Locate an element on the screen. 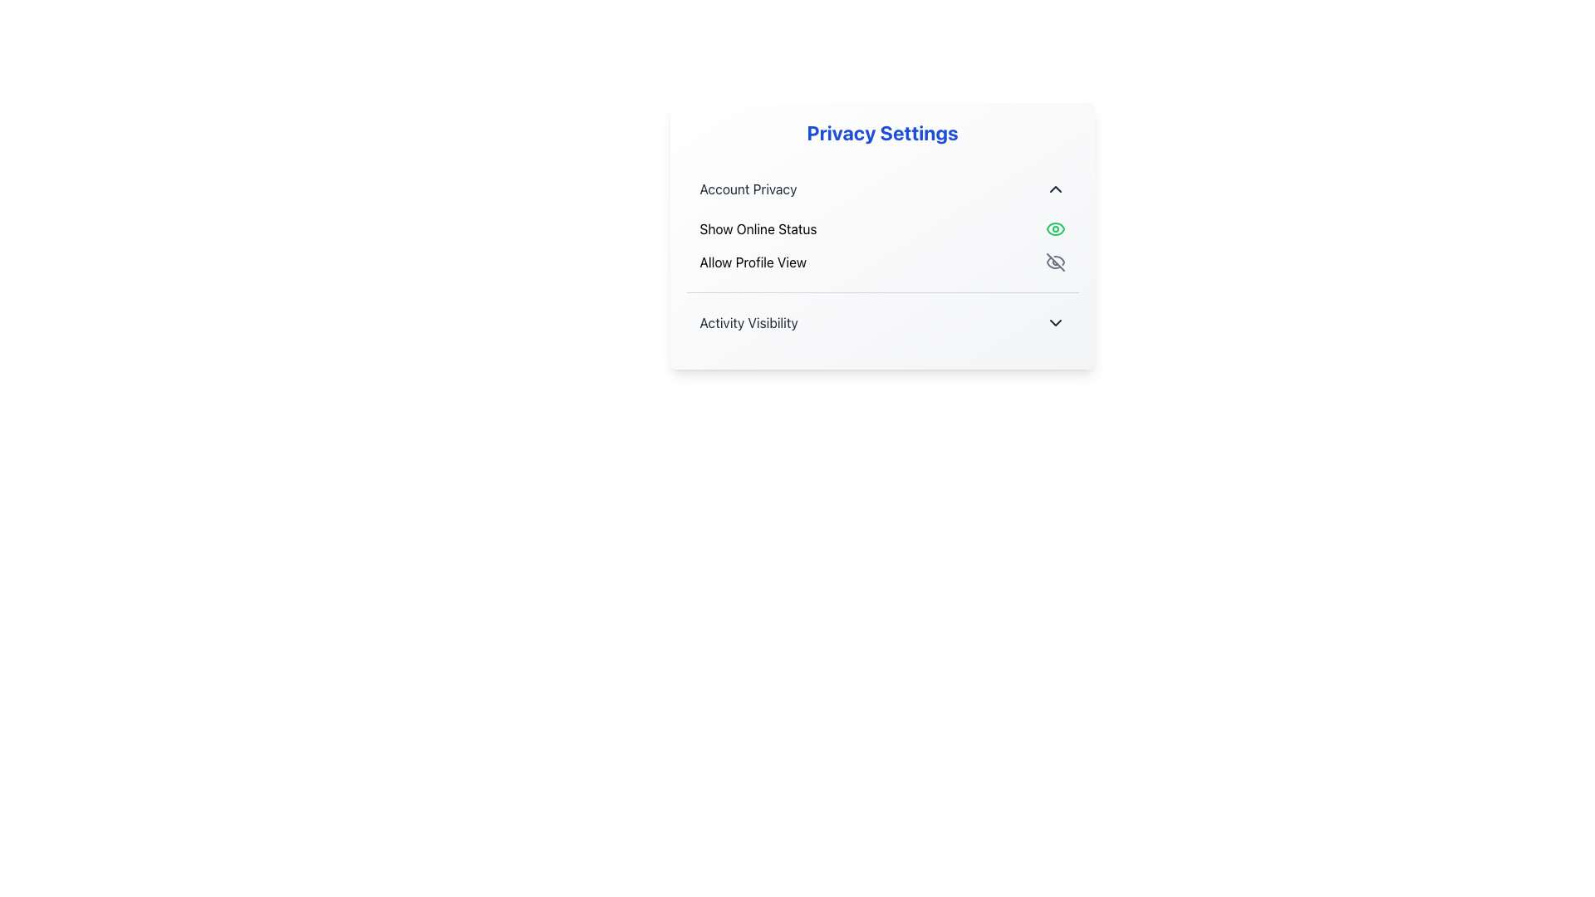  the green eye-shaped icon located to the right of the 'Allow Profile View' text in the 'Privacy Settings' section, which indicates visibility options is located at coordinates (1054, 229).